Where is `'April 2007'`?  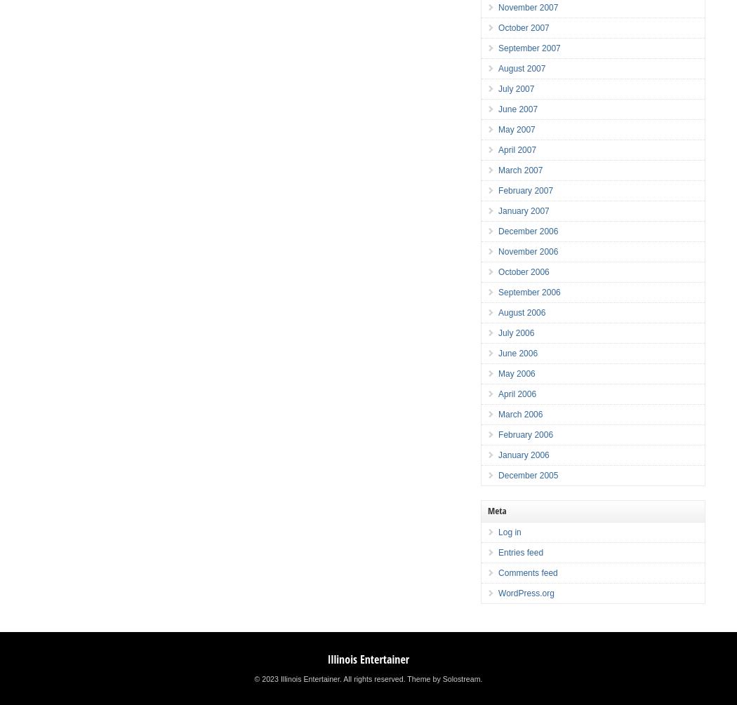 'April 2007' is located at coordinates (516, 149).